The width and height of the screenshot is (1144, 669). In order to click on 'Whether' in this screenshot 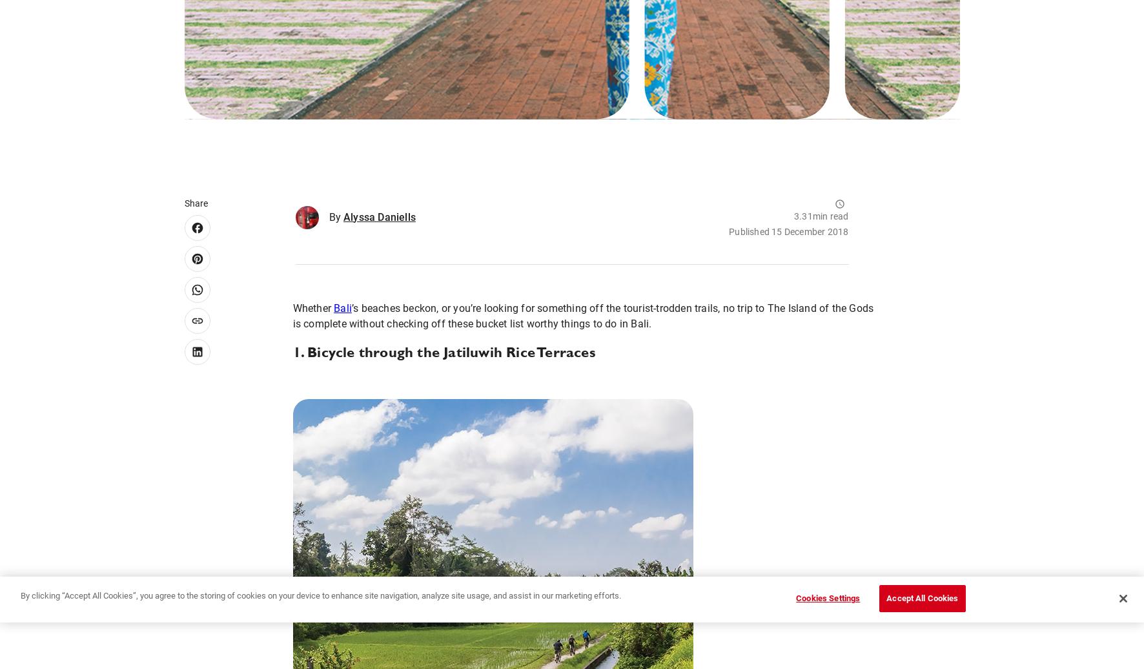, I will do `click(291, 307)`.